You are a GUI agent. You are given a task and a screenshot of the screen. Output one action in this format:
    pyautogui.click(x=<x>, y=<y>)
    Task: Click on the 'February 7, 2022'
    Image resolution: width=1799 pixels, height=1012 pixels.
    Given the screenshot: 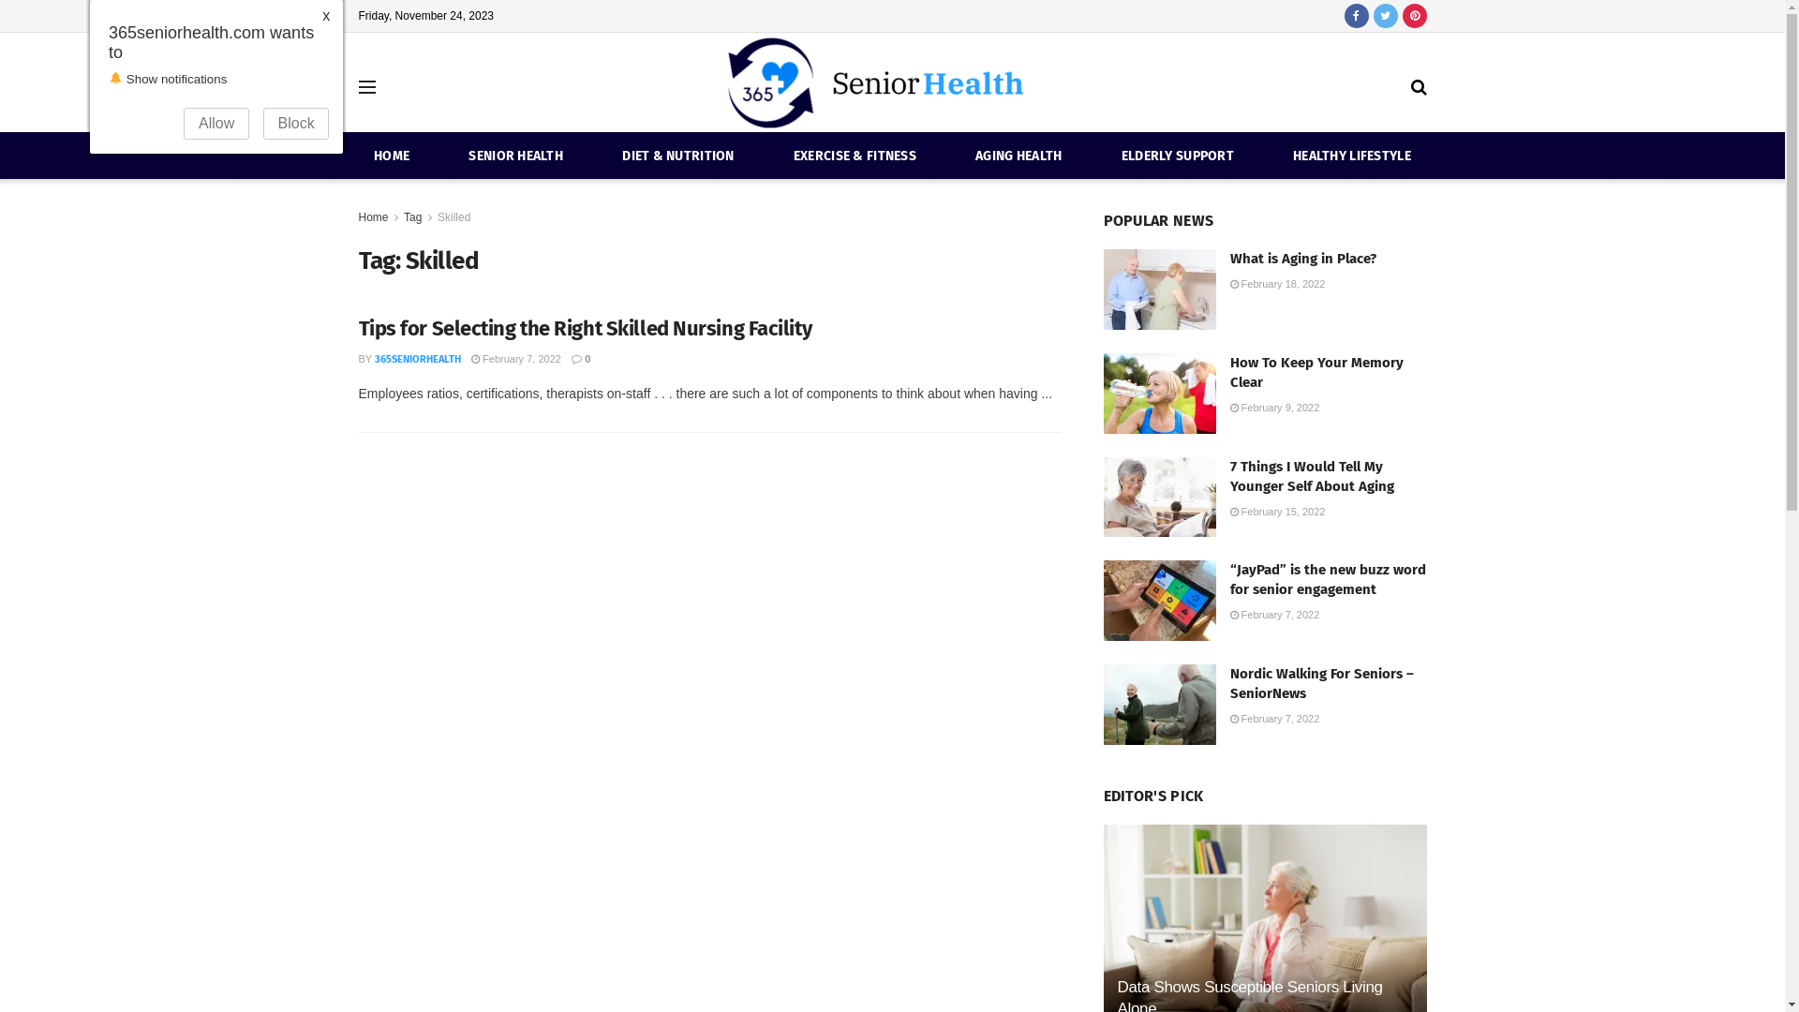 What is the action you would take?
    pyautogui.click(x=1273, y=614)
    